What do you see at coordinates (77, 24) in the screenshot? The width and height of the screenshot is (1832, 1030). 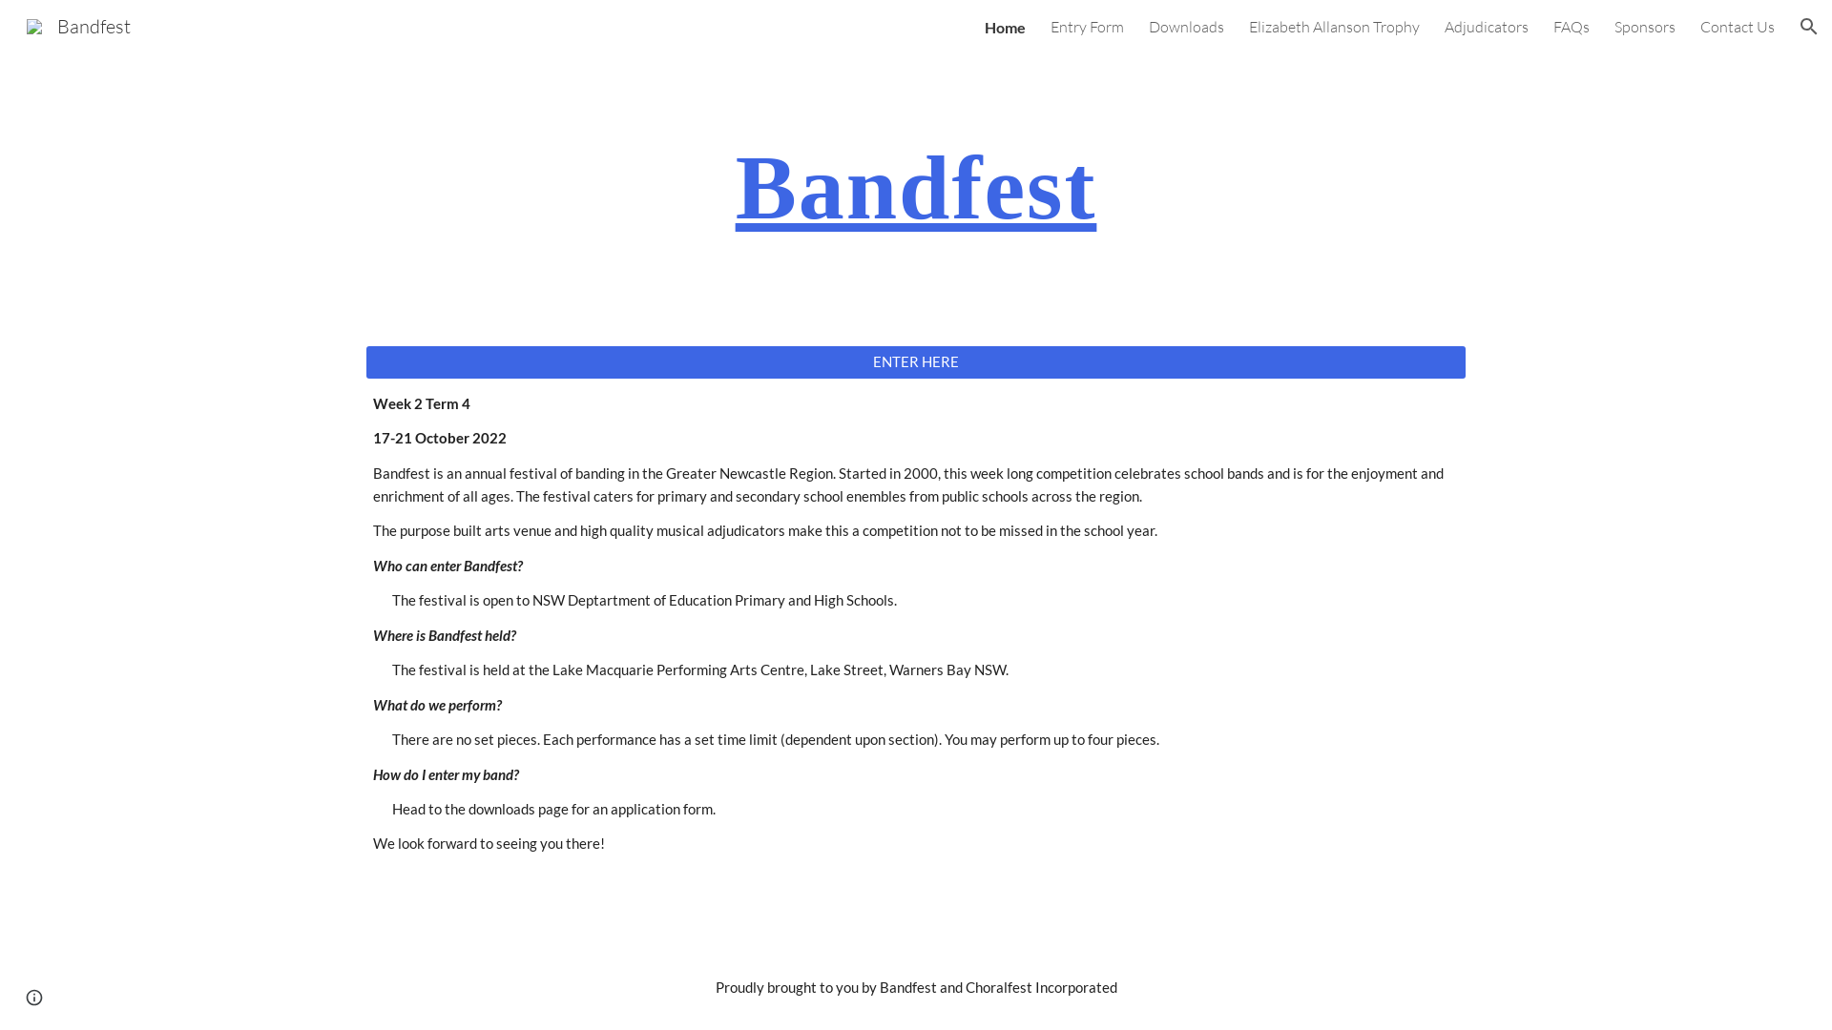 I see `'Bandfest'` at bounding box center [77, 24].